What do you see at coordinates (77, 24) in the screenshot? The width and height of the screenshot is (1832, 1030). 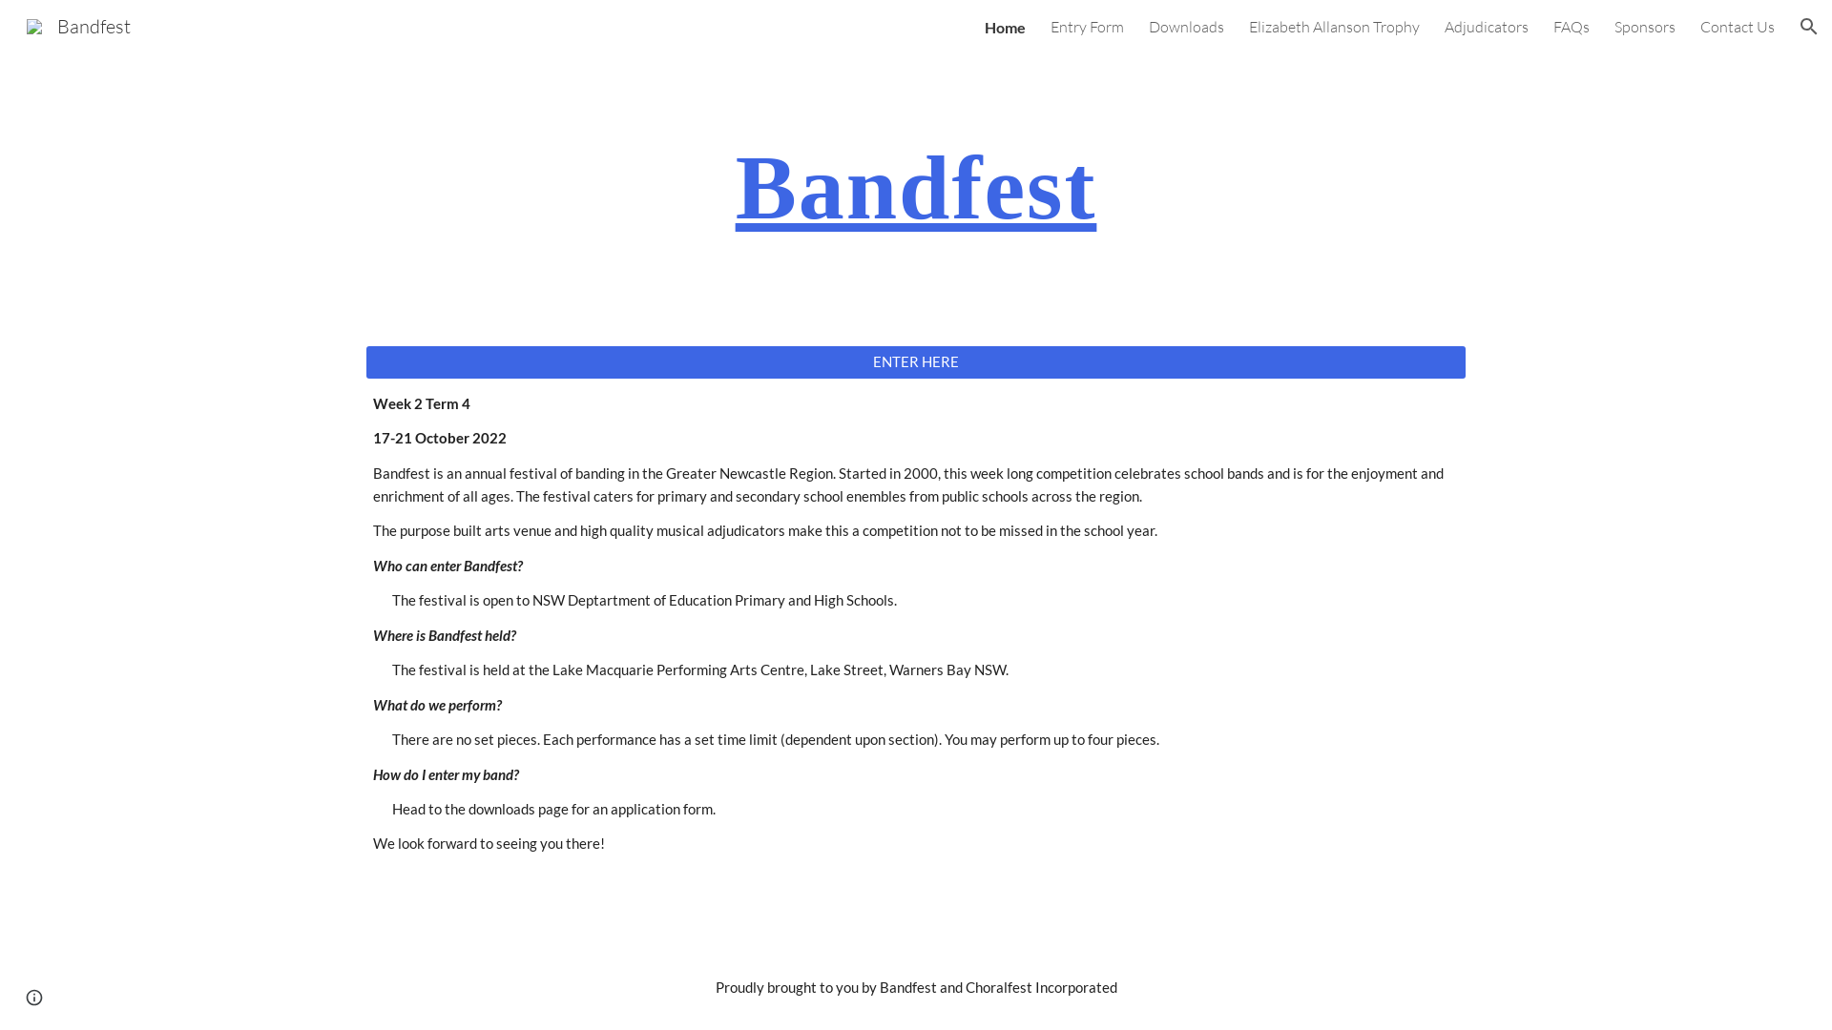 I see `'Bandfest'` at bounding box center [77, 24].